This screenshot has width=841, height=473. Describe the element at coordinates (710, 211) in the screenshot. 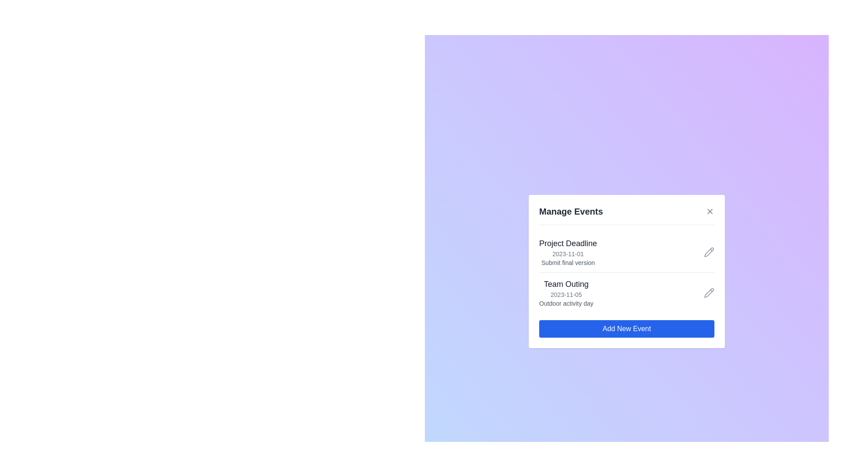

I see `the close button to close the dialog` at that location.